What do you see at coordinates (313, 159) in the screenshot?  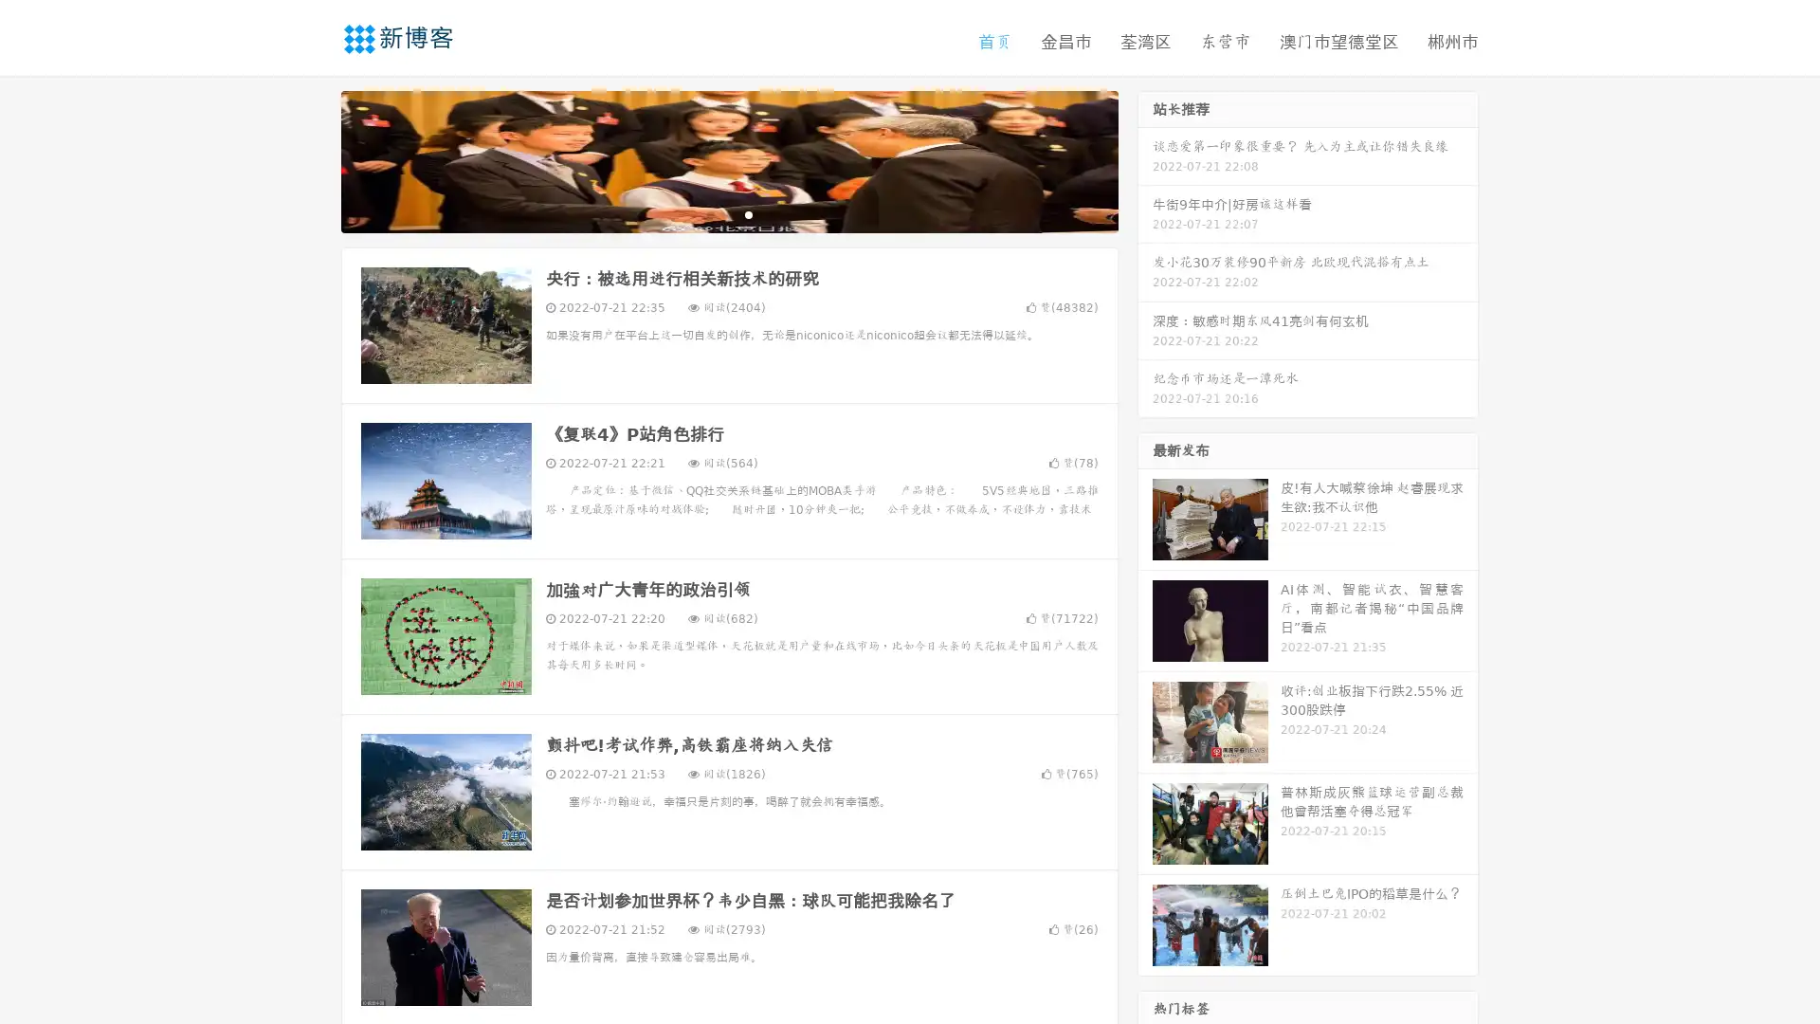 I see `Previous slide` at bounding box center [313, 159].